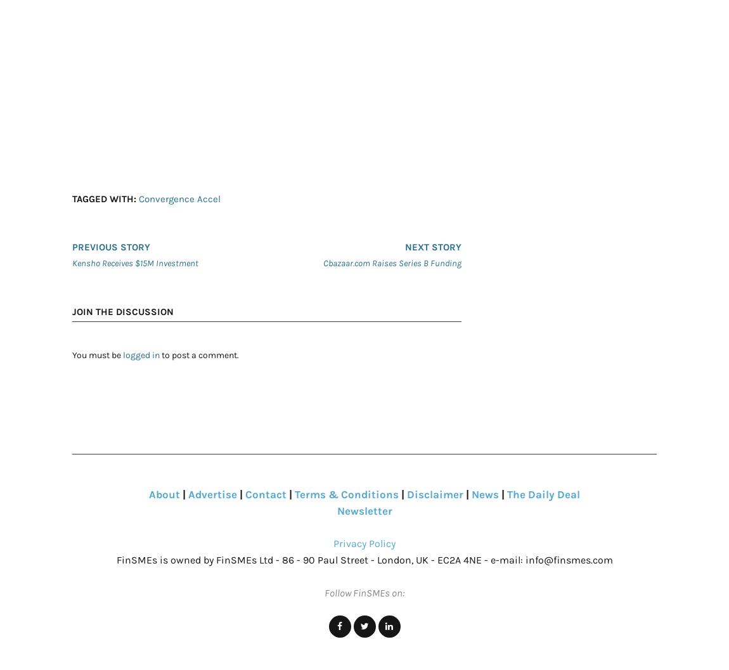  I want to click on 'logged in', so click(140, 354).